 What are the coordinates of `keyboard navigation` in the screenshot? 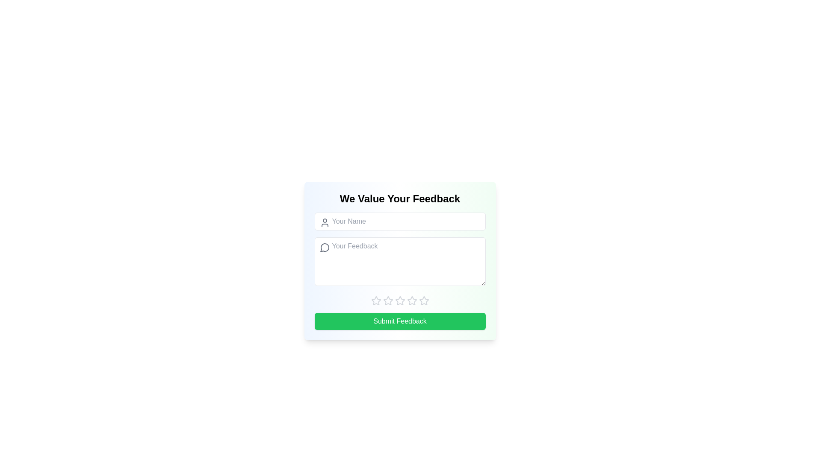 It's located at (424, 301).